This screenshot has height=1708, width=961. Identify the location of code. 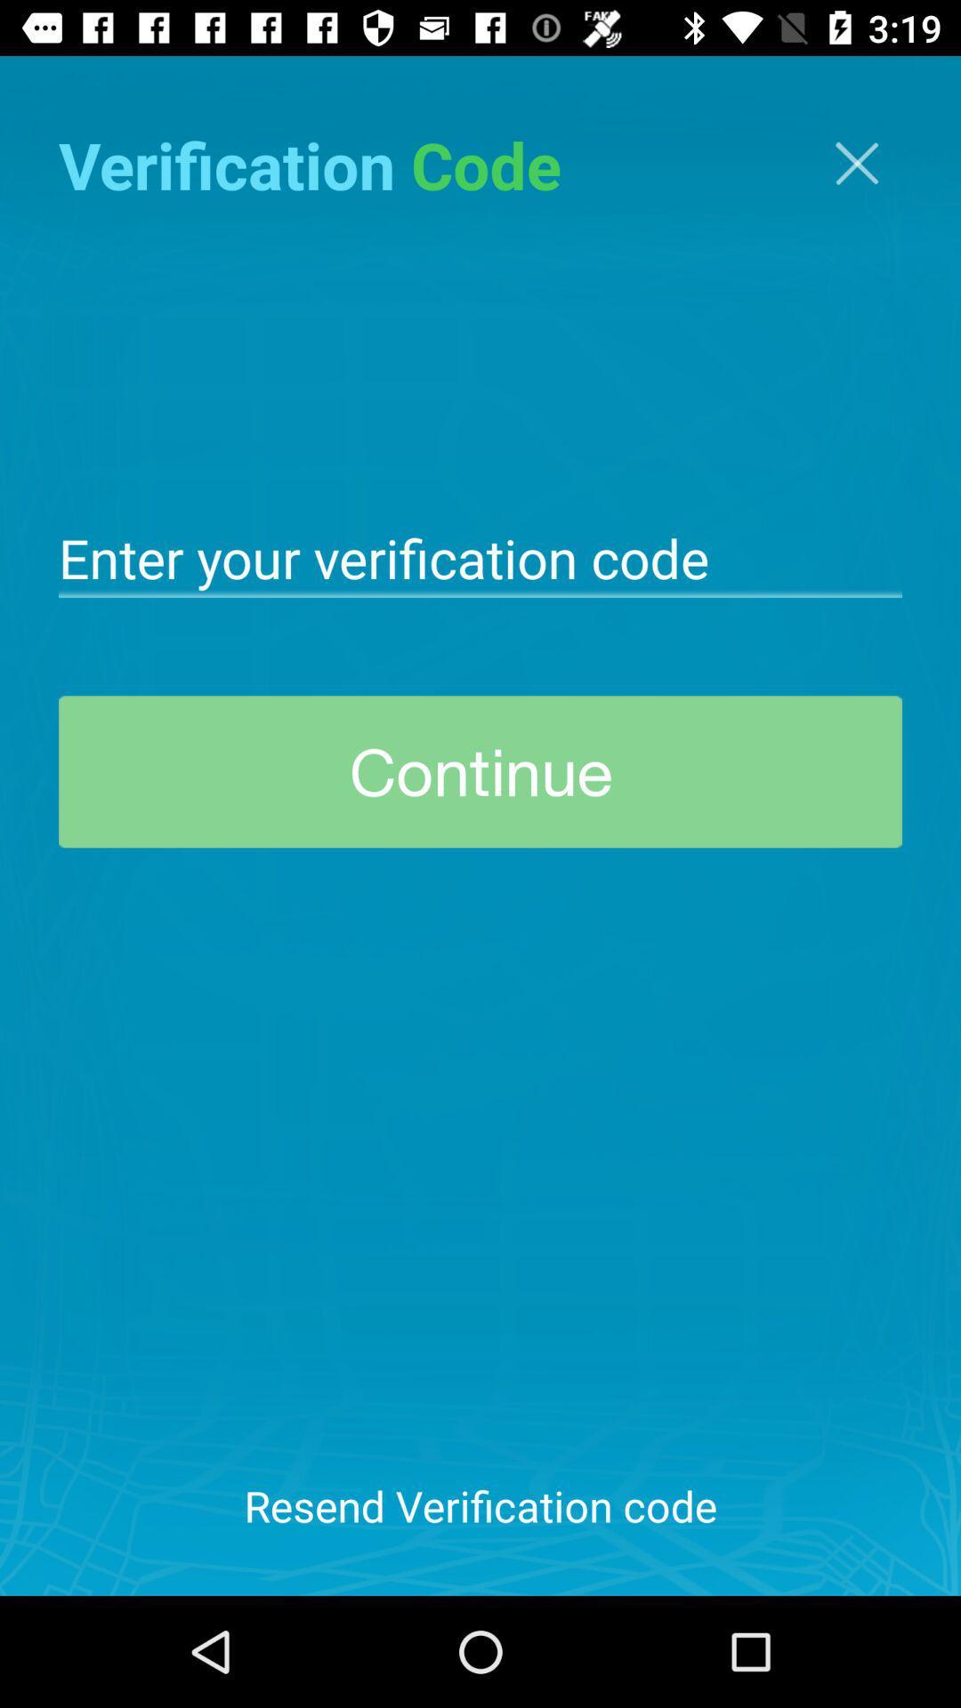
(480, 555).